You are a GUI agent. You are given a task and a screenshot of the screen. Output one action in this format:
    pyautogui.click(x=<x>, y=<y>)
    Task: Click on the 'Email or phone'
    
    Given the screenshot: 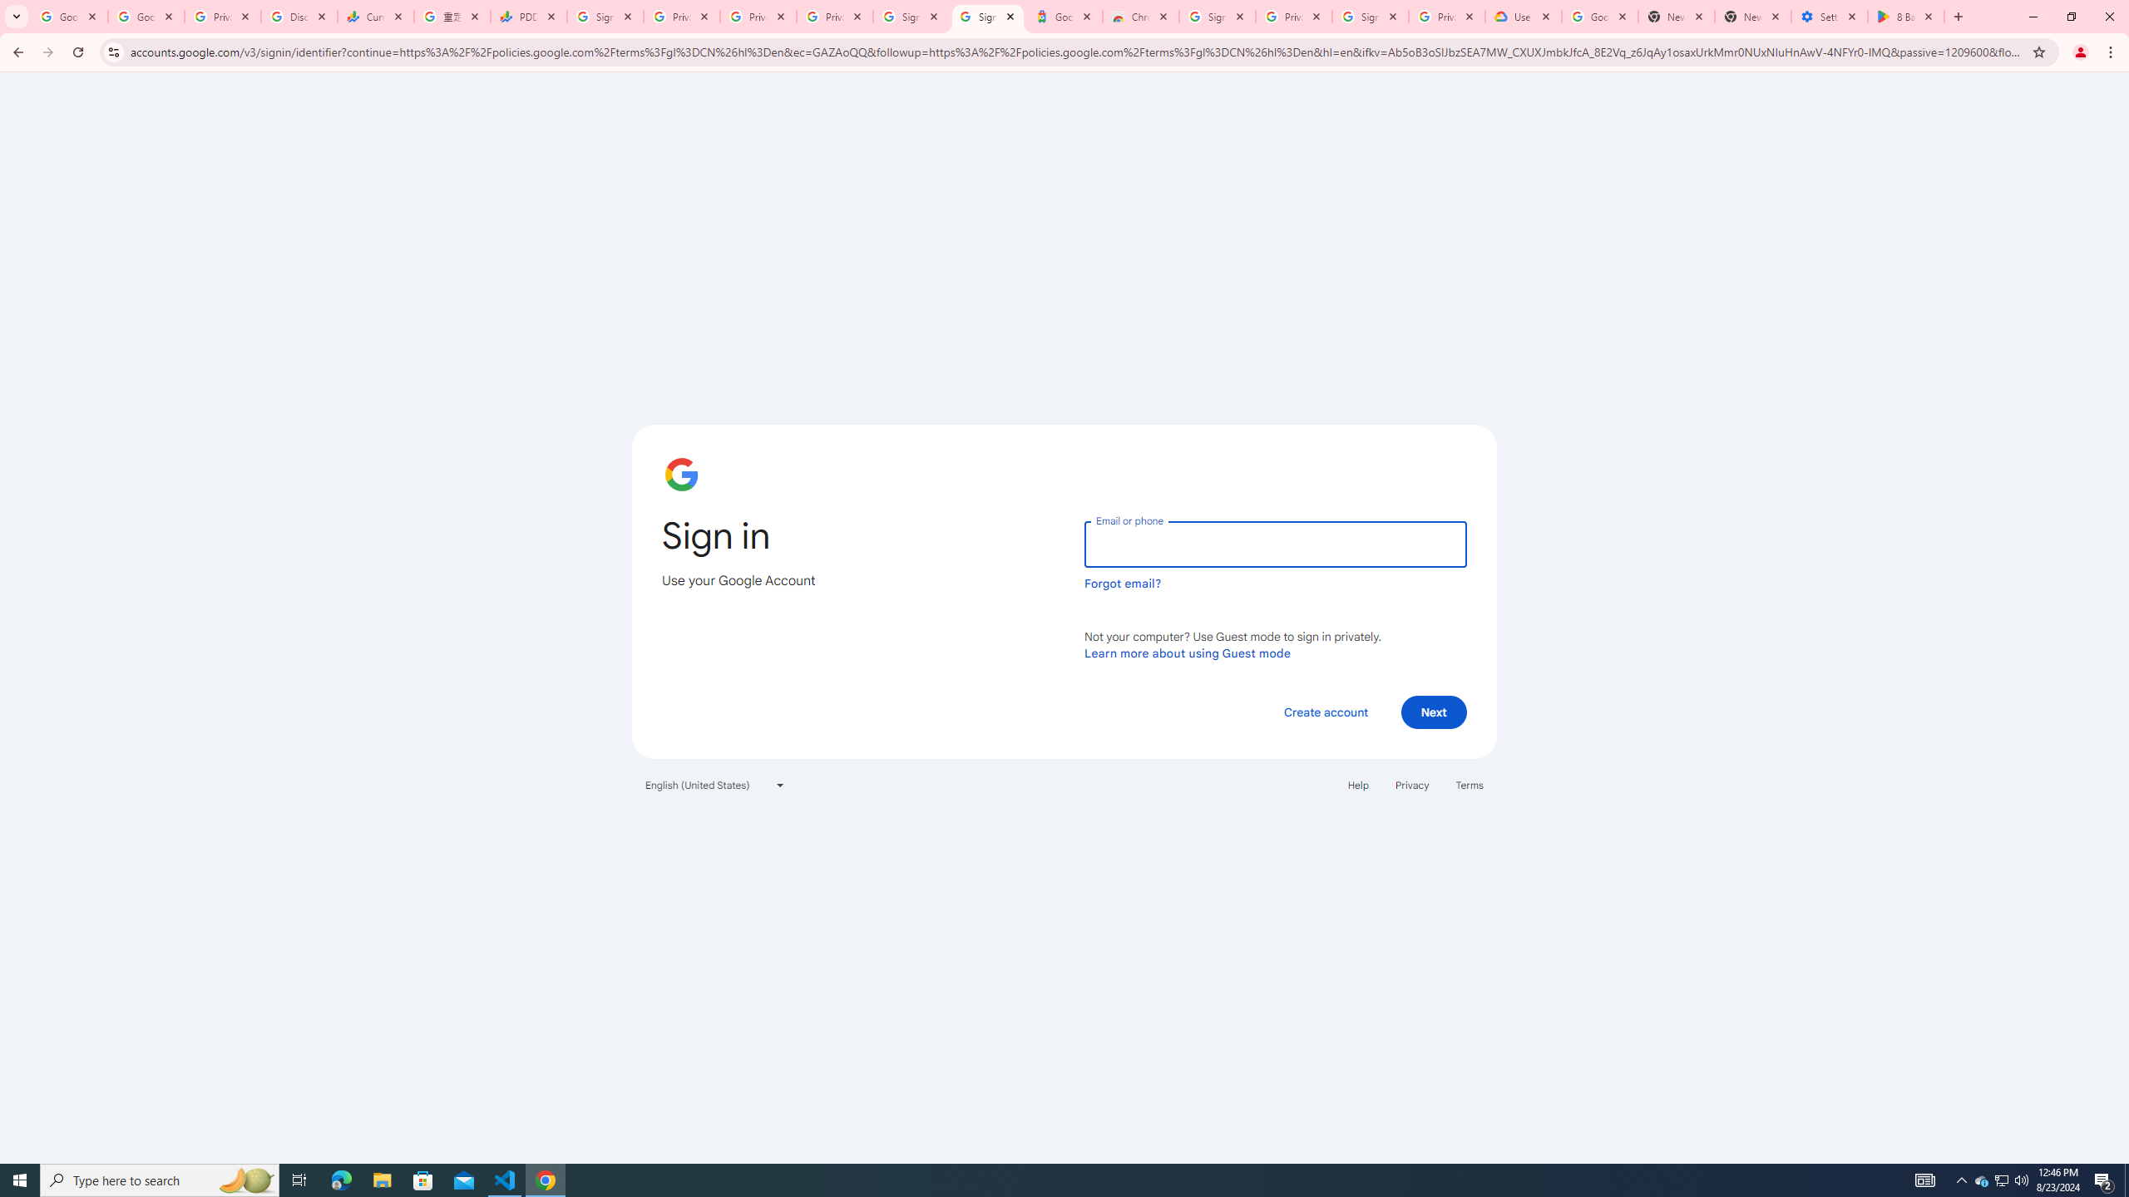 What is the action you would take?
    pyautogui.click(x=1274, y=544)
    